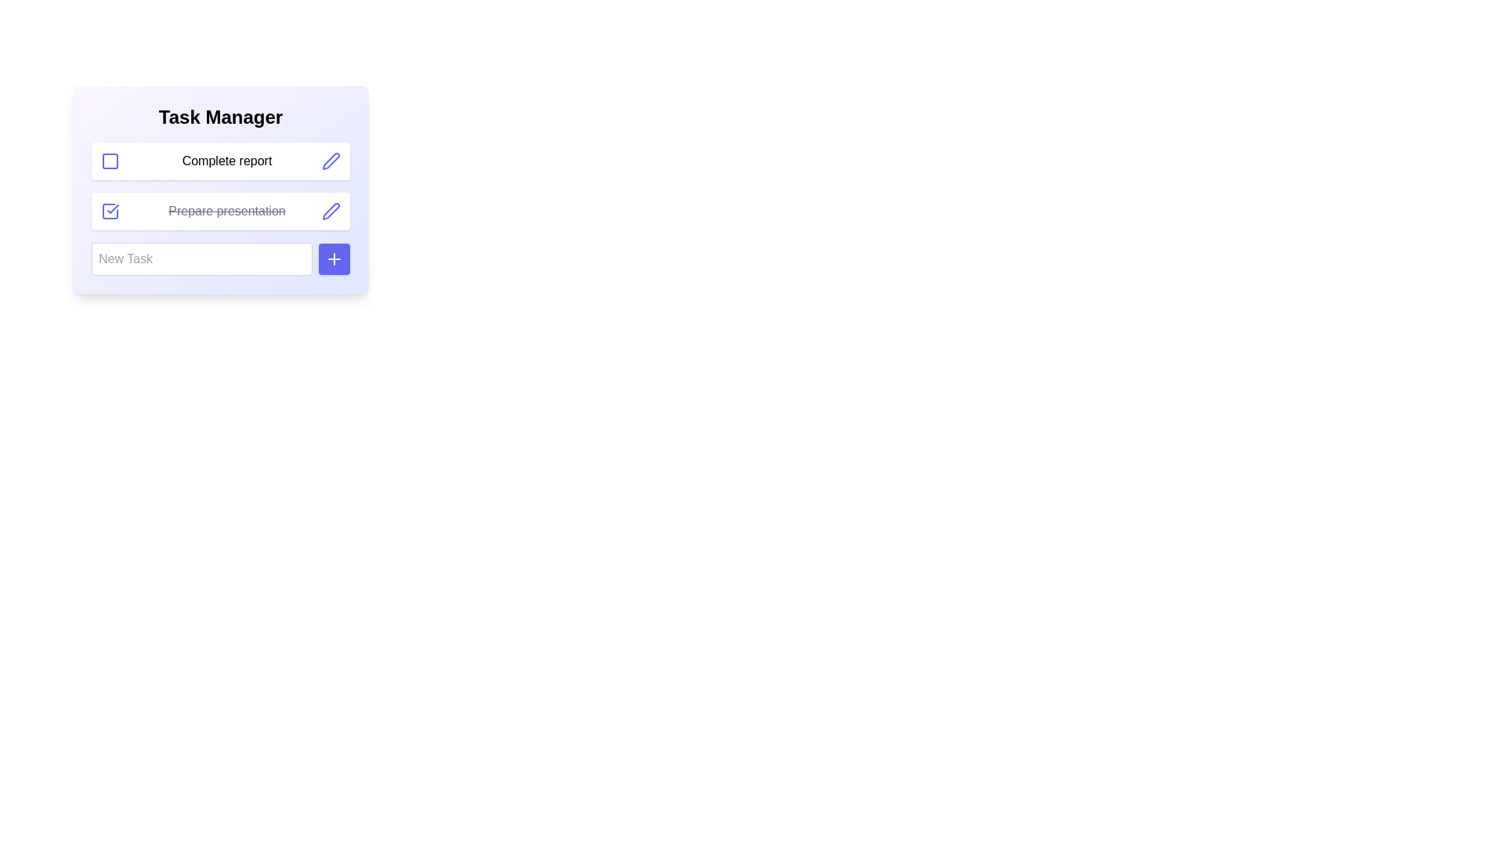 The width and height of the screenshot is (1504, 846). I want to click on the edit icon for the task with description Complete report, so click(330, 161).